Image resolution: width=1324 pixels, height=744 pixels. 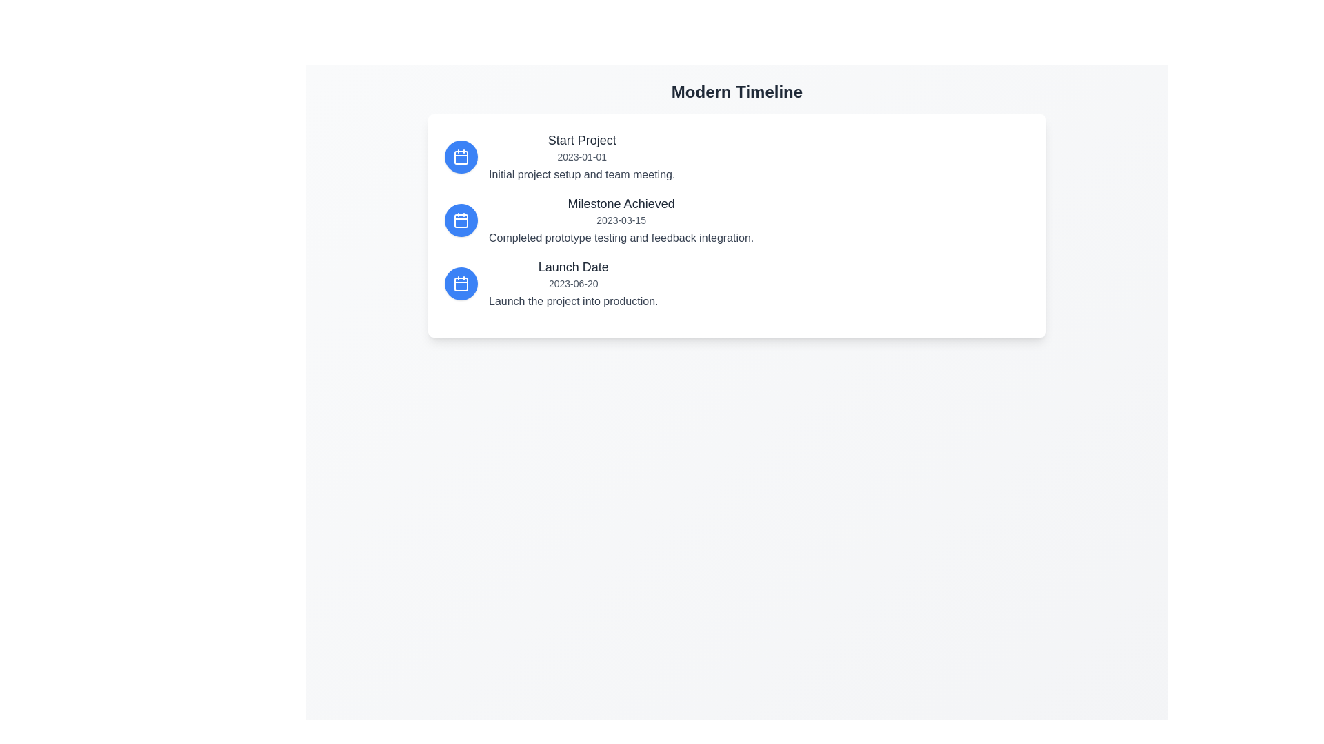 I want to click on the text label displaying the project start date, which is located below the 'Start Project' heading and above the description 'Initial project setup and team meeting.', so click(x=582, y=156).